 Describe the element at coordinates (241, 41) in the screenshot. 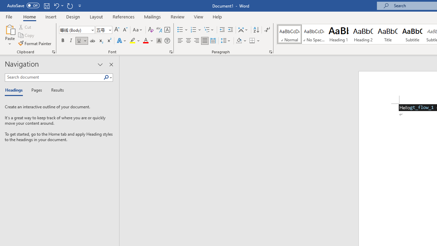

I see `'Shading'` at that location.